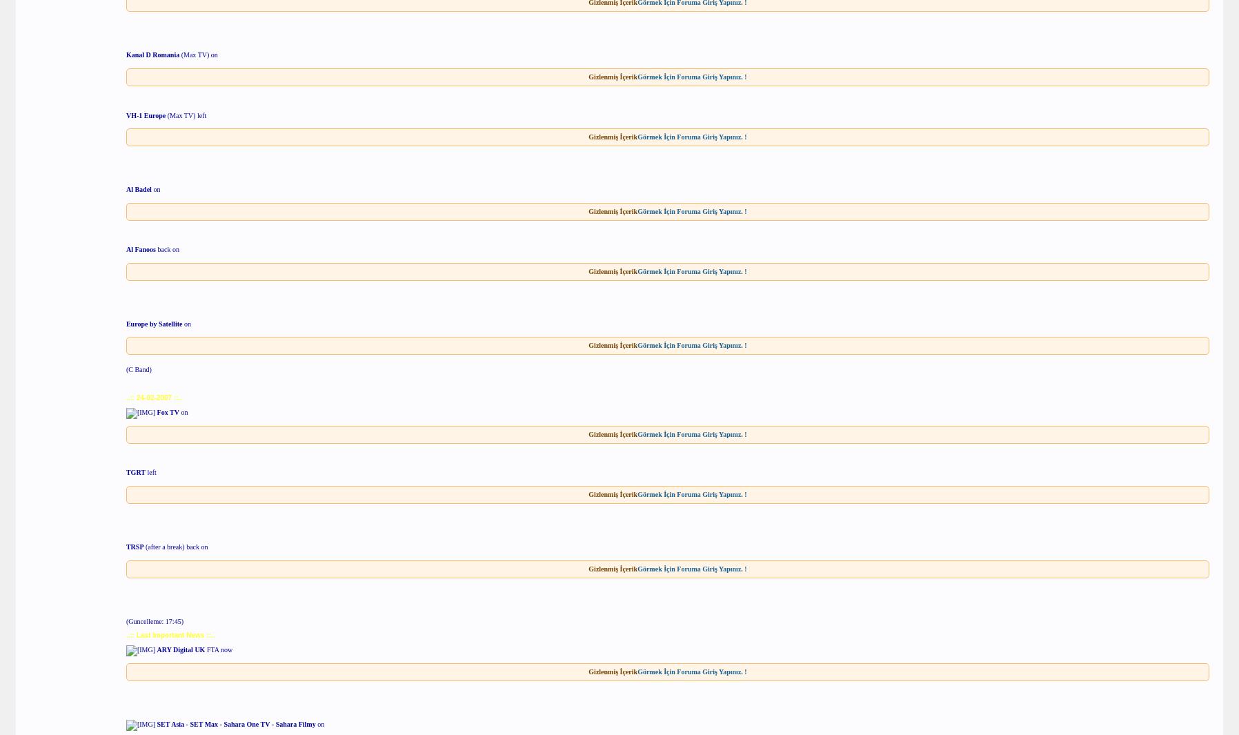 The width and height of the screenshot is (1239, 735). I want to click on 'Al Fanoos', so click(140, 248).